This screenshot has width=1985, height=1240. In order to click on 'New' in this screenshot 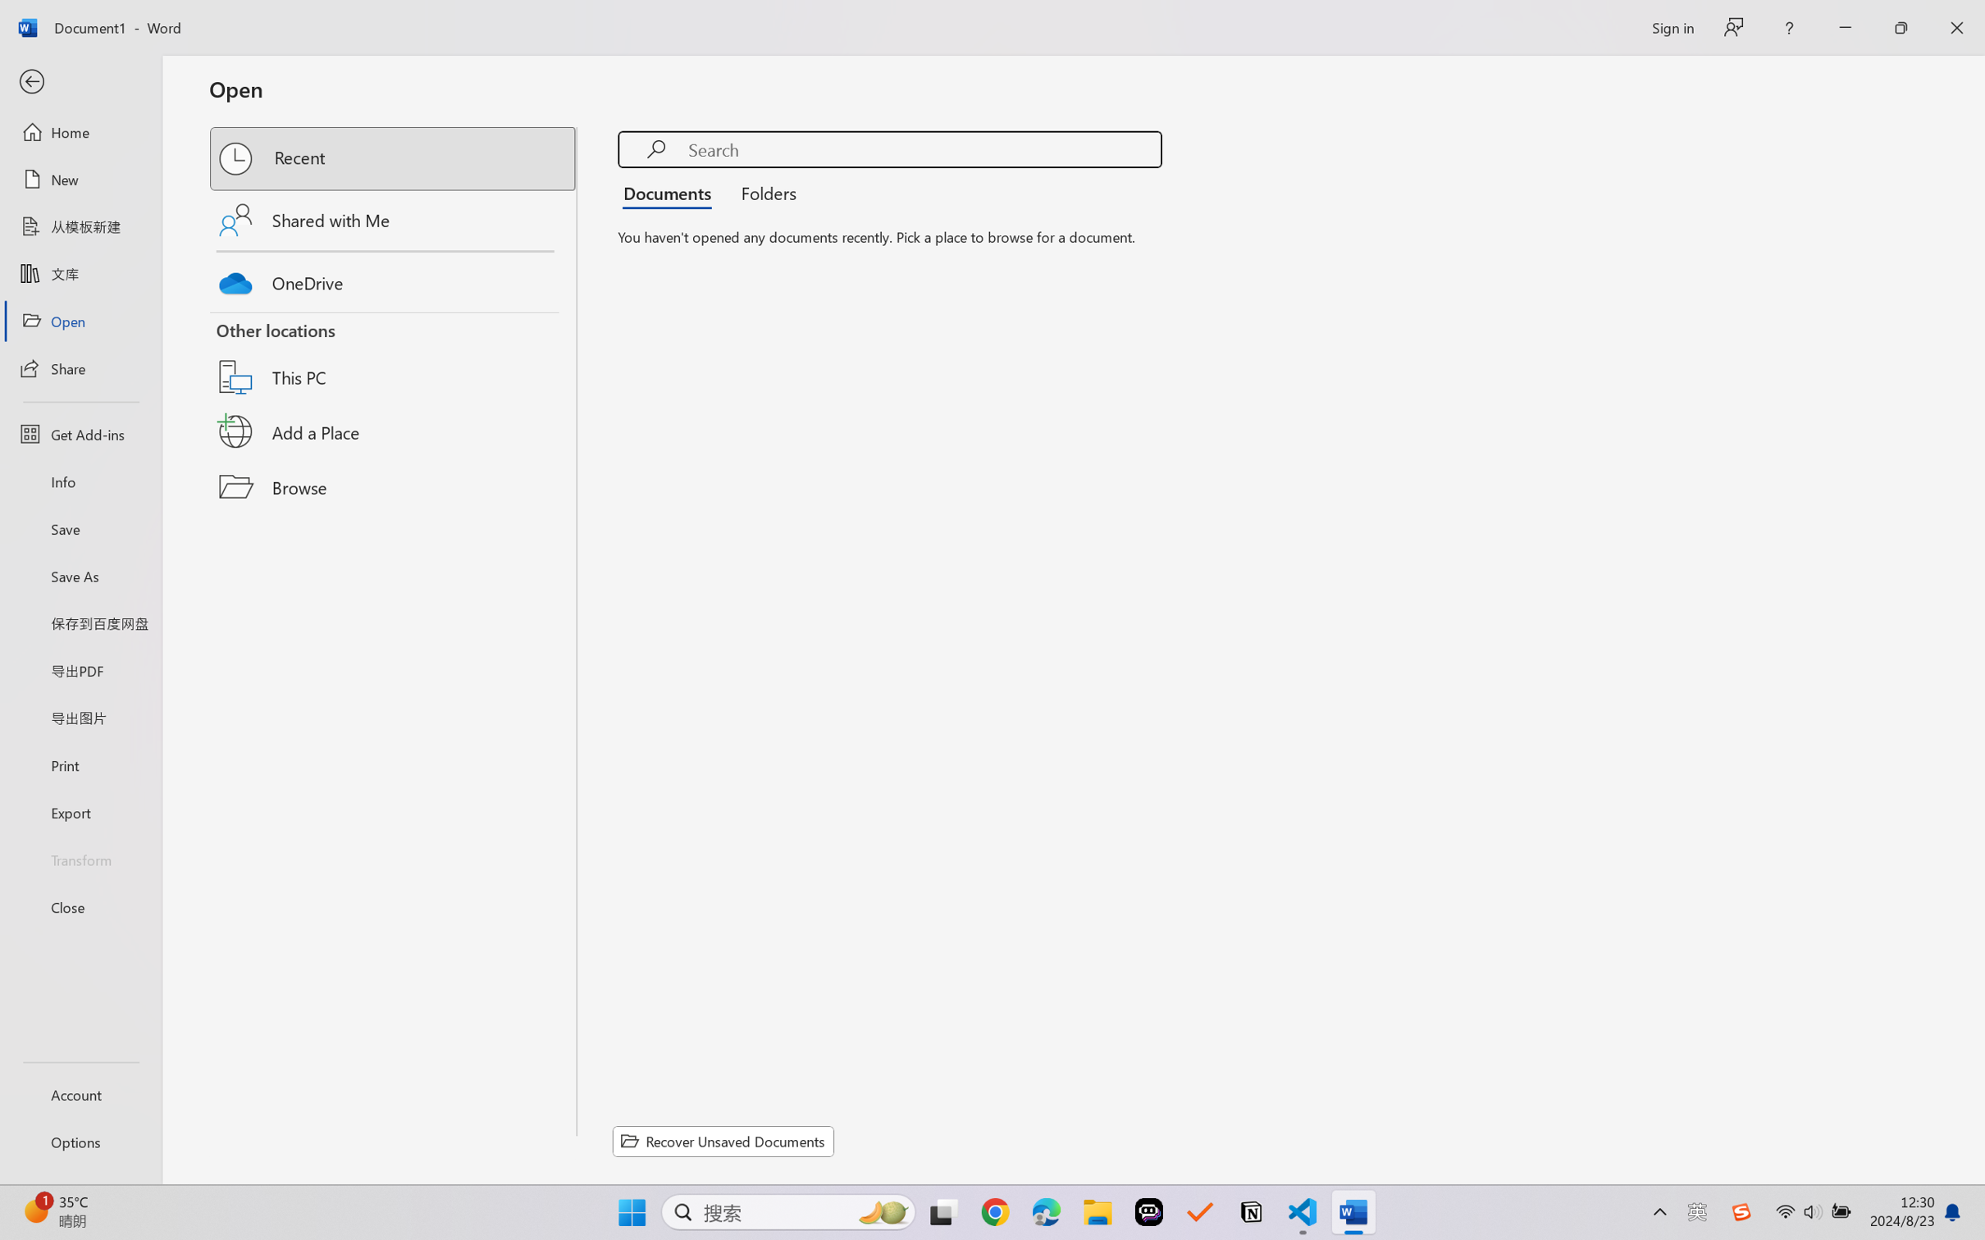, I will do `click(80, 178)`.